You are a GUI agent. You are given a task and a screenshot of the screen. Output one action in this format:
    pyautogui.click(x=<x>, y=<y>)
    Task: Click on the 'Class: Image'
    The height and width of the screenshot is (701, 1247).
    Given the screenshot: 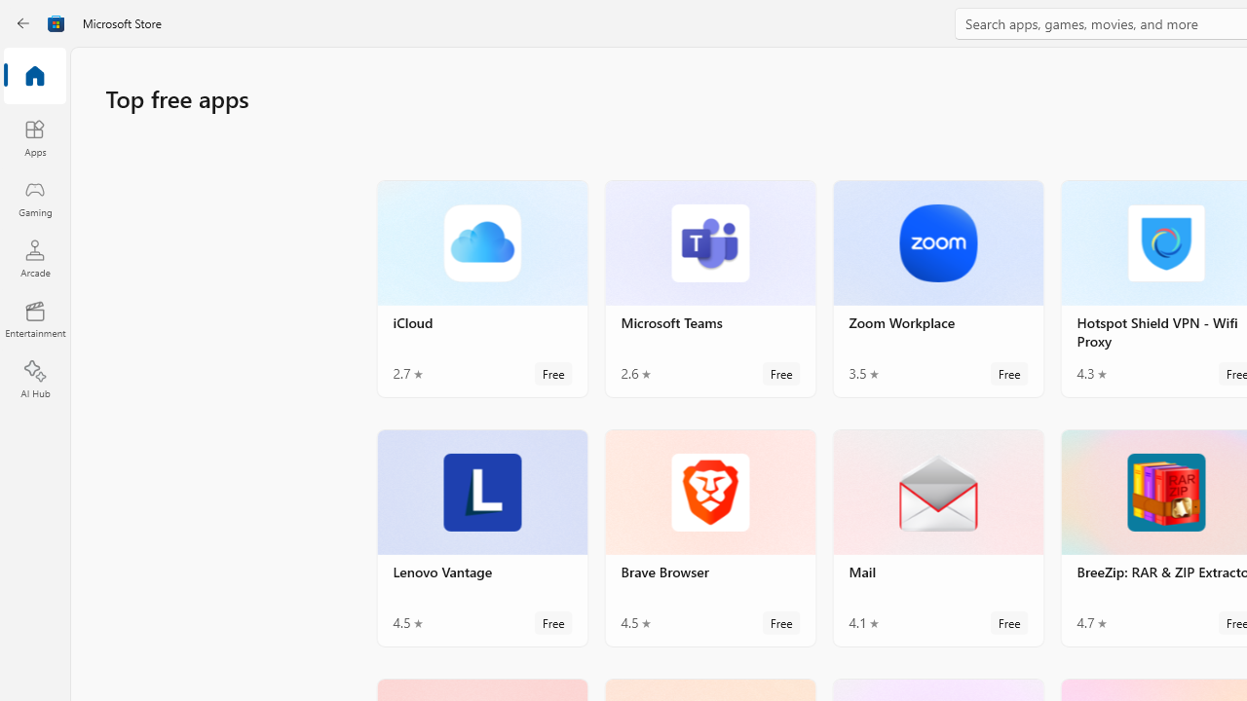 What is the action you would take?
    pyautogui.click(x=57, y=23)
    